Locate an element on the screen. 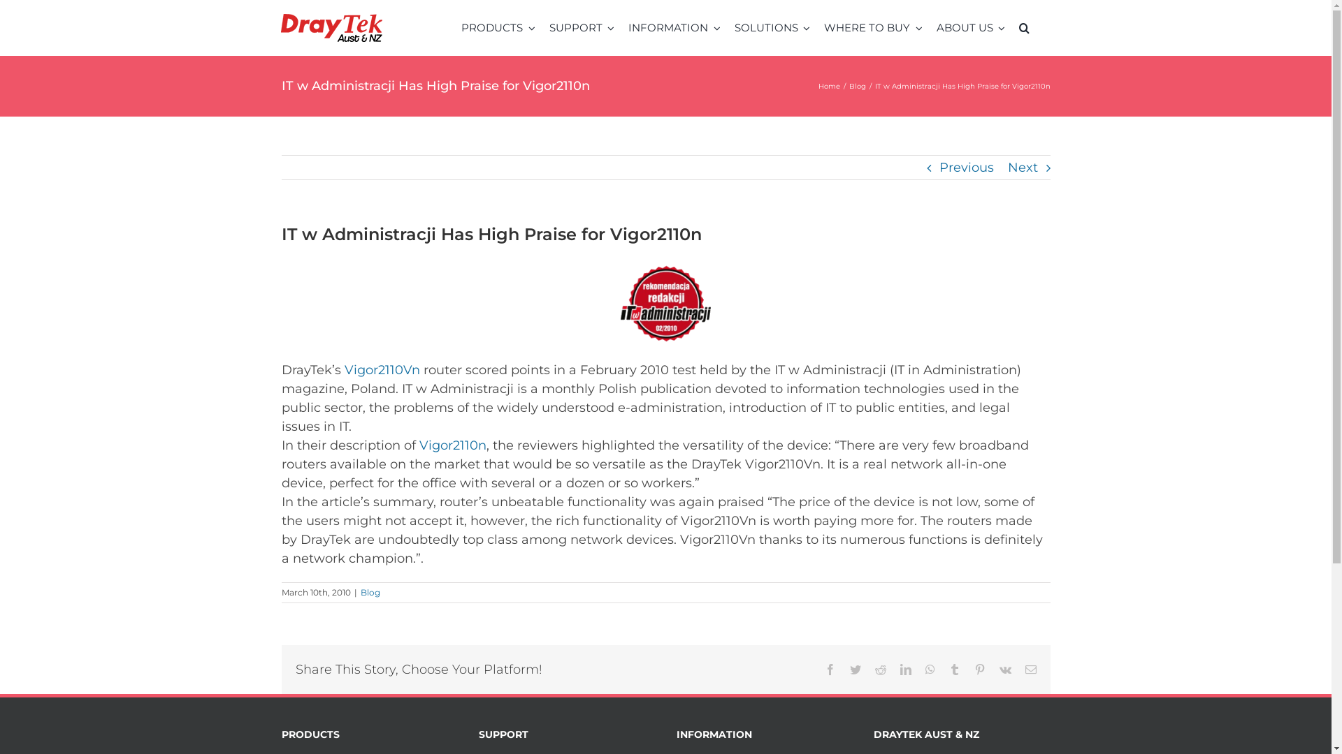 The width and height of the screenshot is (1342, 754). 'Tumblr' is located at coordinates (954, 669).